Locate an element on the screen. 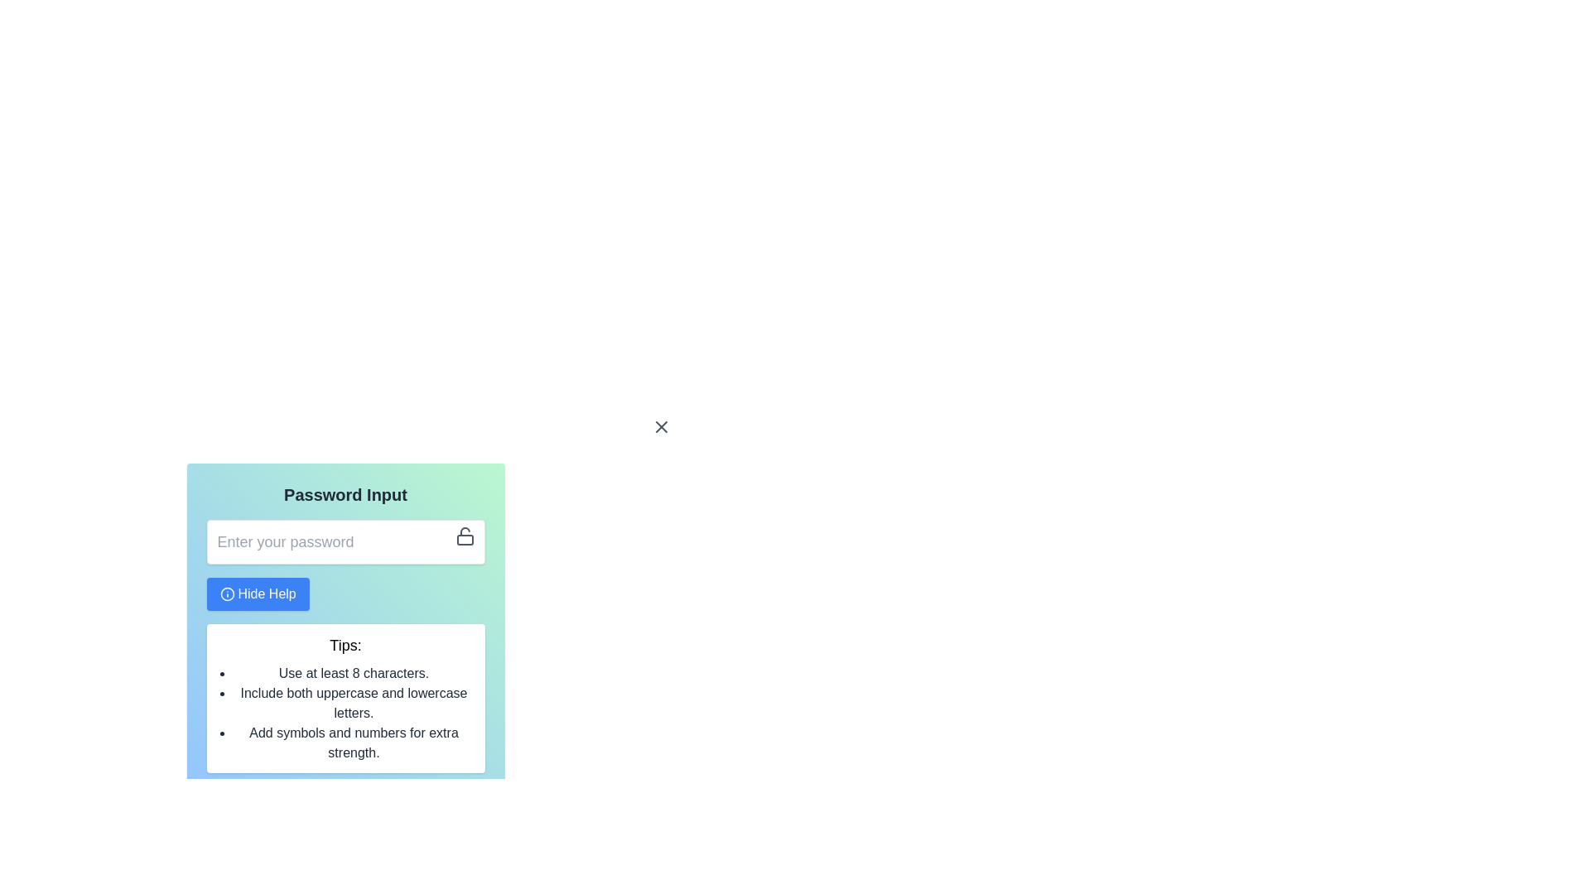 This screenshot has height=894, width=1590. text statement saying "Add symbols and numbers for extra strength." from the third item in the bulleted list within the 'Tips' box located at the center of the lower portion of the interface is located at coordinates (353, 743).